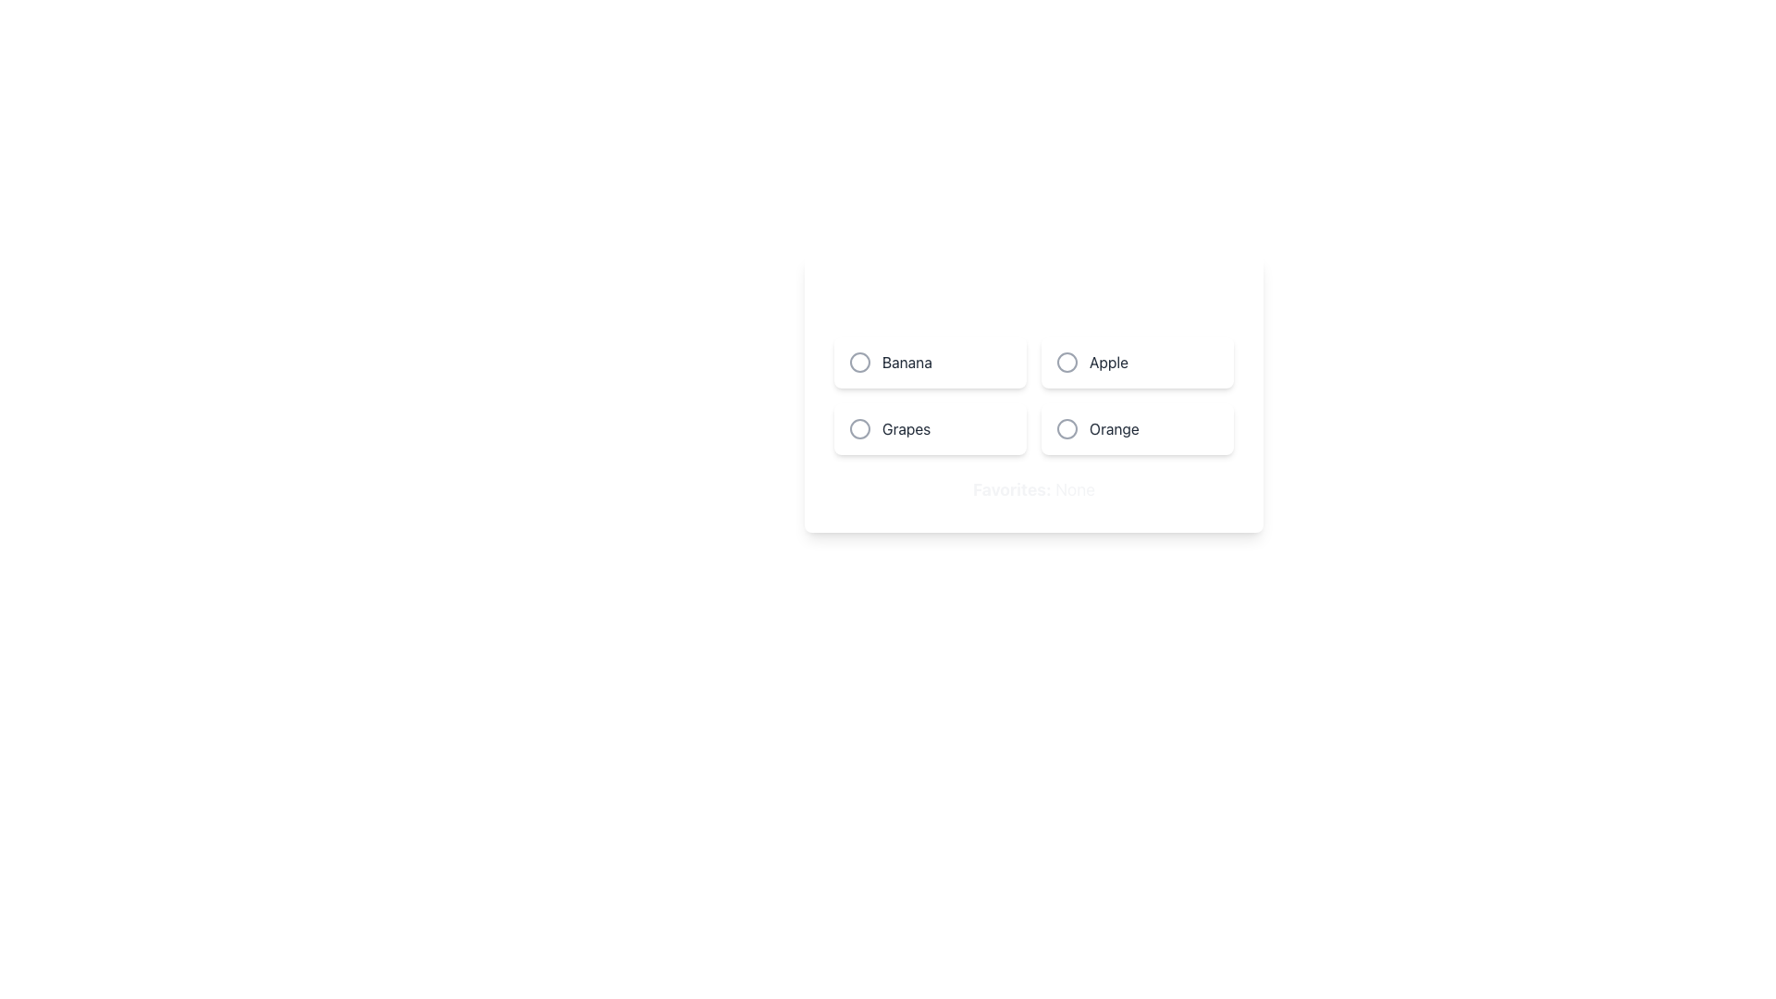  Describe the element at coordinates (1136, 363) in the screenshot. I see `the 'Apple' button-like selection option located in the second column of the grid layout` at that location.